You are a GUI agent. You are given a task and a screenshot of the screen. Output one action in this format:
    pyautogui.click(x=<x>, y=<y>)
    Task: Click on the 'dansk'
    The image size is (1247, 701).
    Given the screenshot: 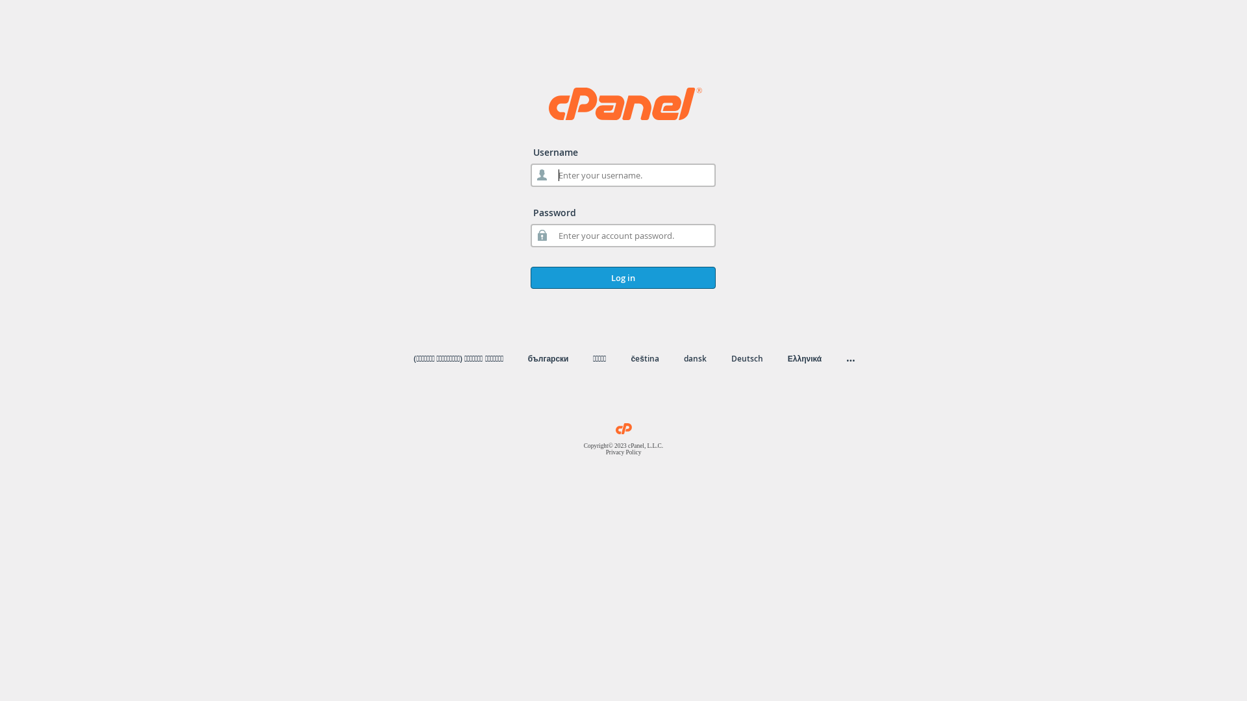 What is the action you would take?
    pyautogui.click(x=694, y=358)
    